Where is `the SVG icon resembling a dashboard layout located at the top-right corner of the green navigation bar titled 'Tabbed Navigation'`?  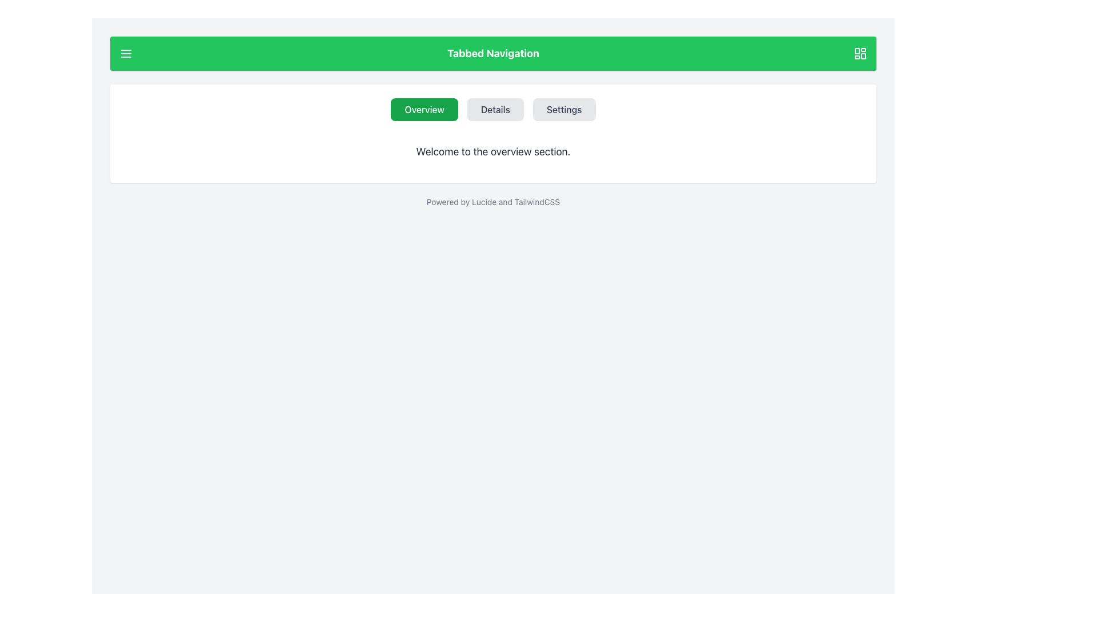 the SVG icon resembling a dashboard layout located at the top-right corner of the green navigation bar titled 'Tabbed Navigation' is located at coordinates (860, 53).